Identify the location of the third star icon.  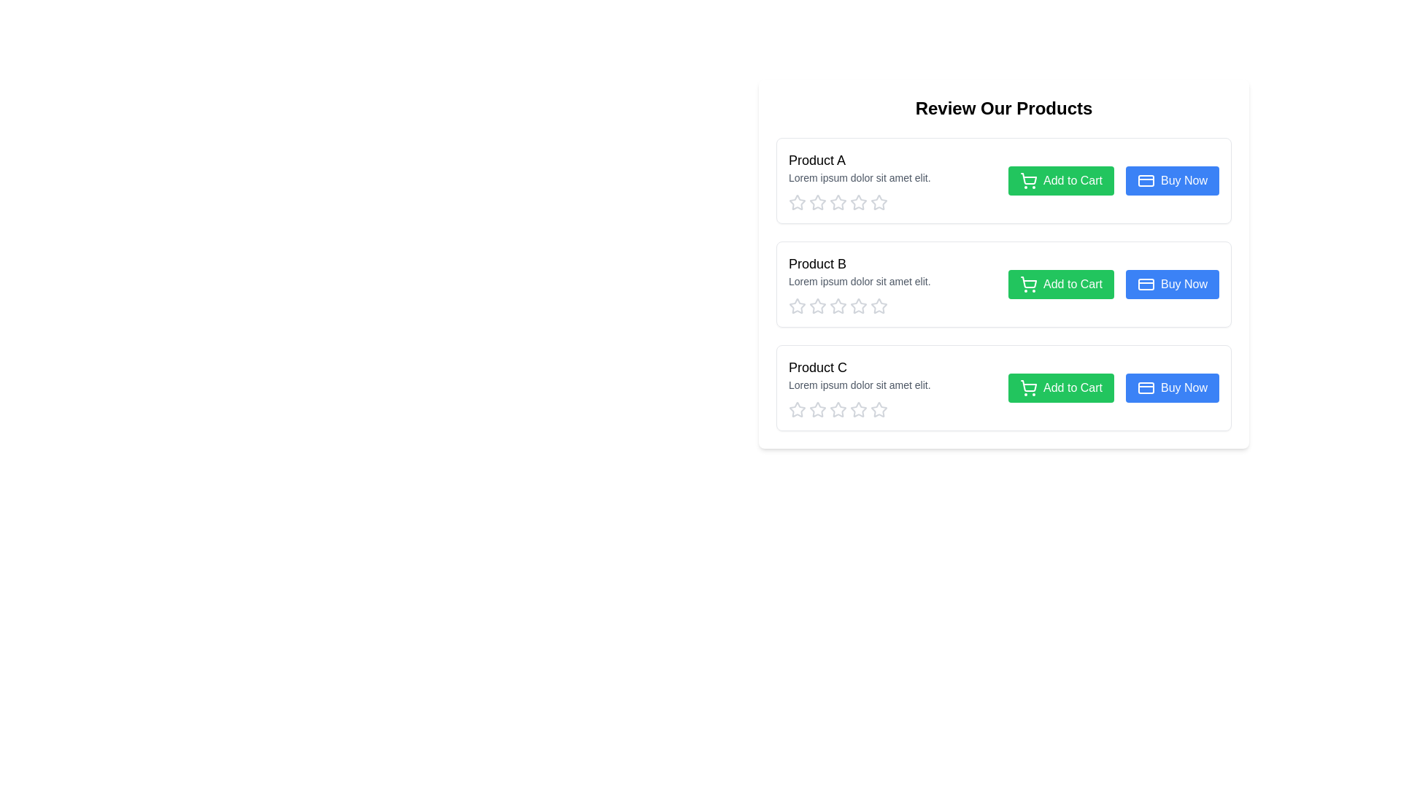
(838, 202).